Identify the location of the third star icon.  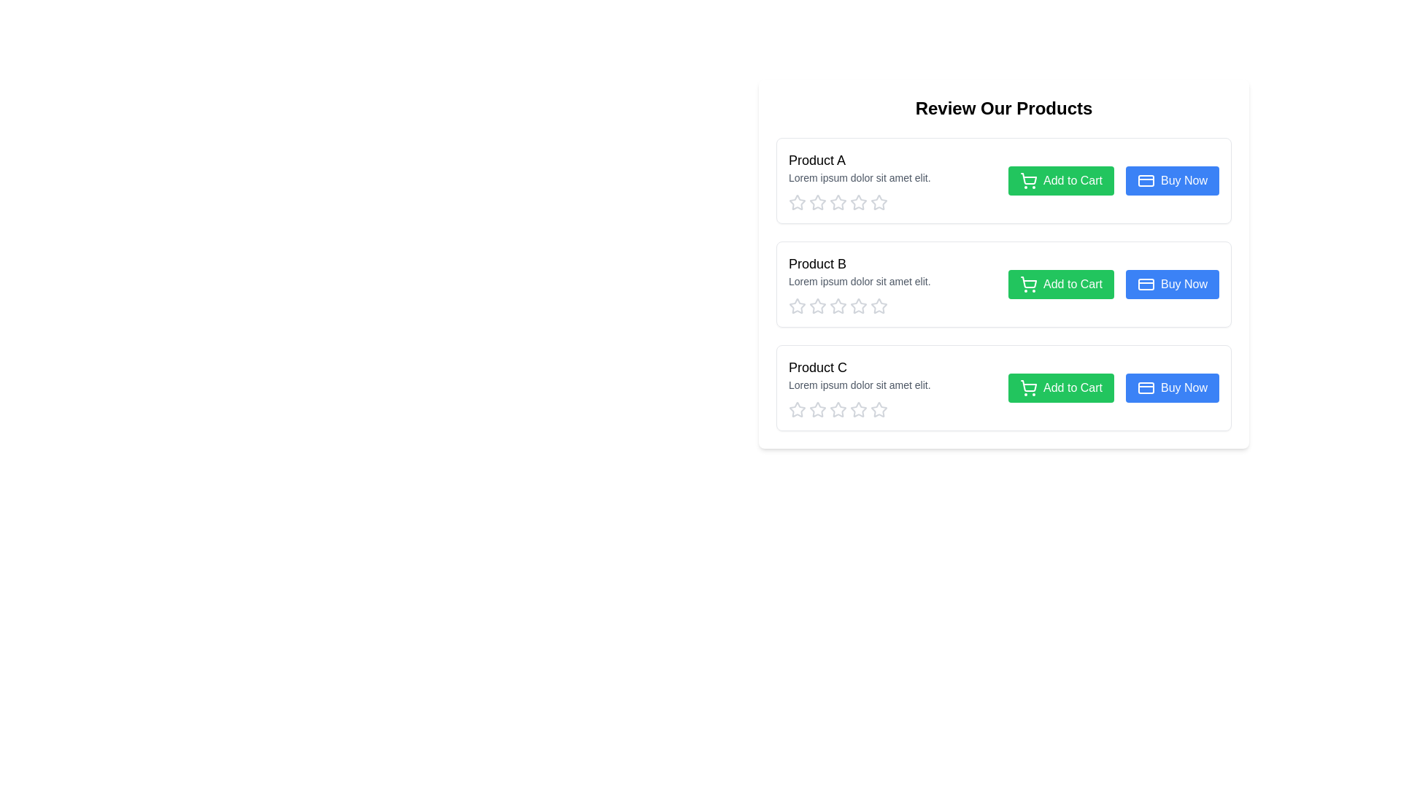
(838, 202).